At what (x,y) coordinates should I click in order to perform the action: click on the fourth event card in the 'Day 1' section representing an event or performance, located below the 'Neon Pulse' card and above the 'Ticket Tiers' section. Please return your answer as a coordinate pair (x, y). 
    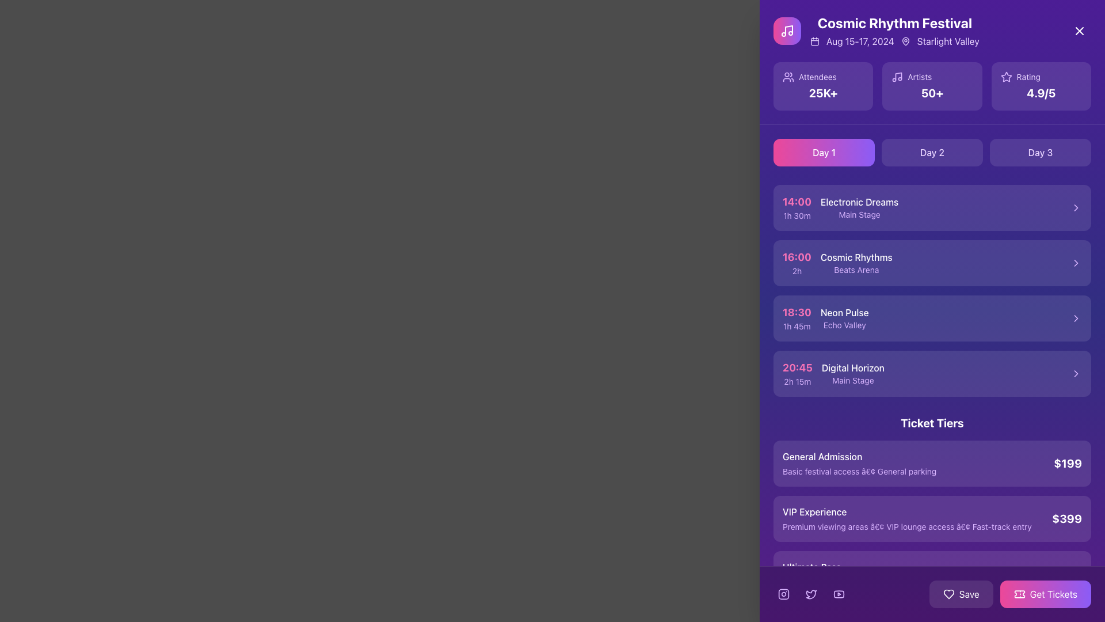
    Looking at the image, I should click on (932, 373).